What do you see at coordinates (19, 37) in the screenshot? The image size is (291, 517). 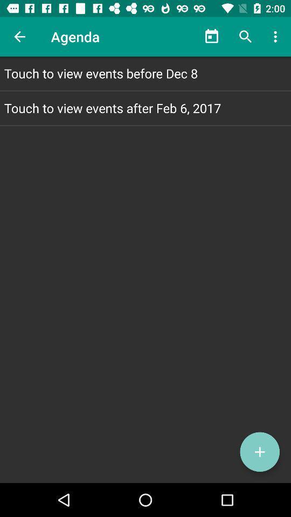 I see `item to the left of agenda` at bounding box center [19, 37].